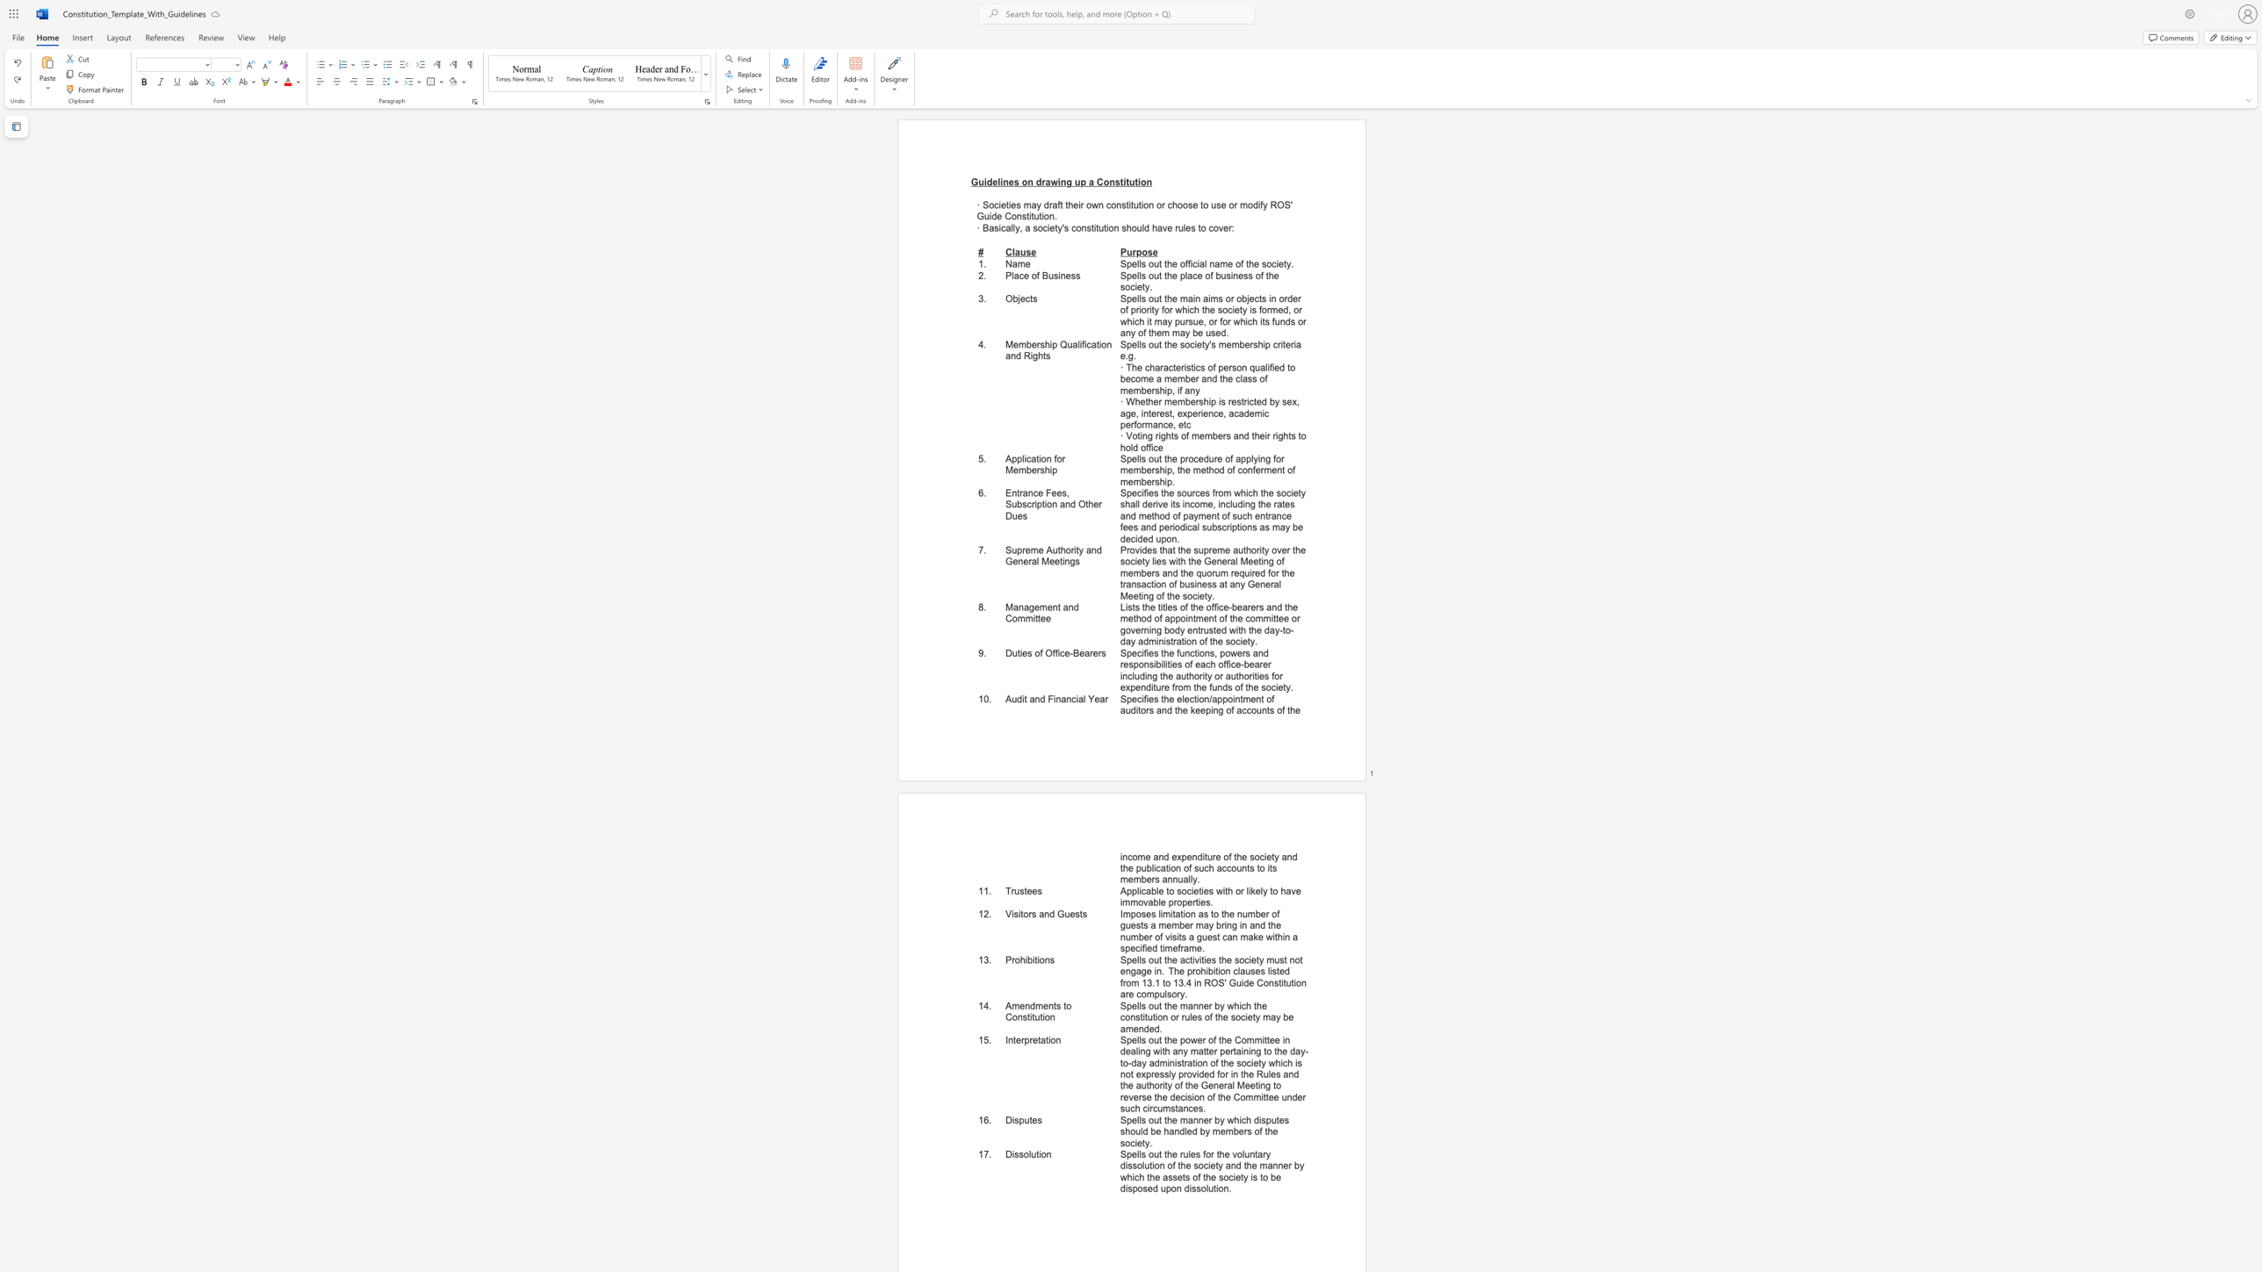  Describe the element at coordinates (1181, 263) in the screenshot. I see `the 2th character "o" in the text` at that location.